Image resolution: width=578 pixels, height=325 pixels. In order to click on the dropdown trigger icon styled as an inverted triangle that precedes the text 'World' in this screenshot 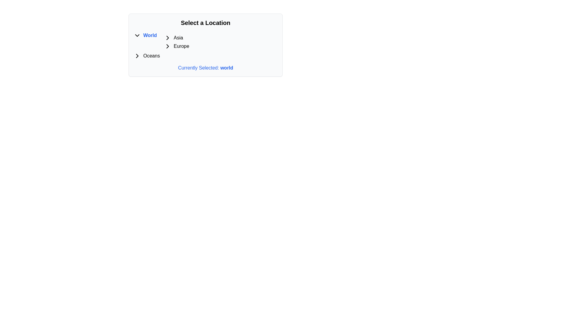, I will do `click(137, 36)`.